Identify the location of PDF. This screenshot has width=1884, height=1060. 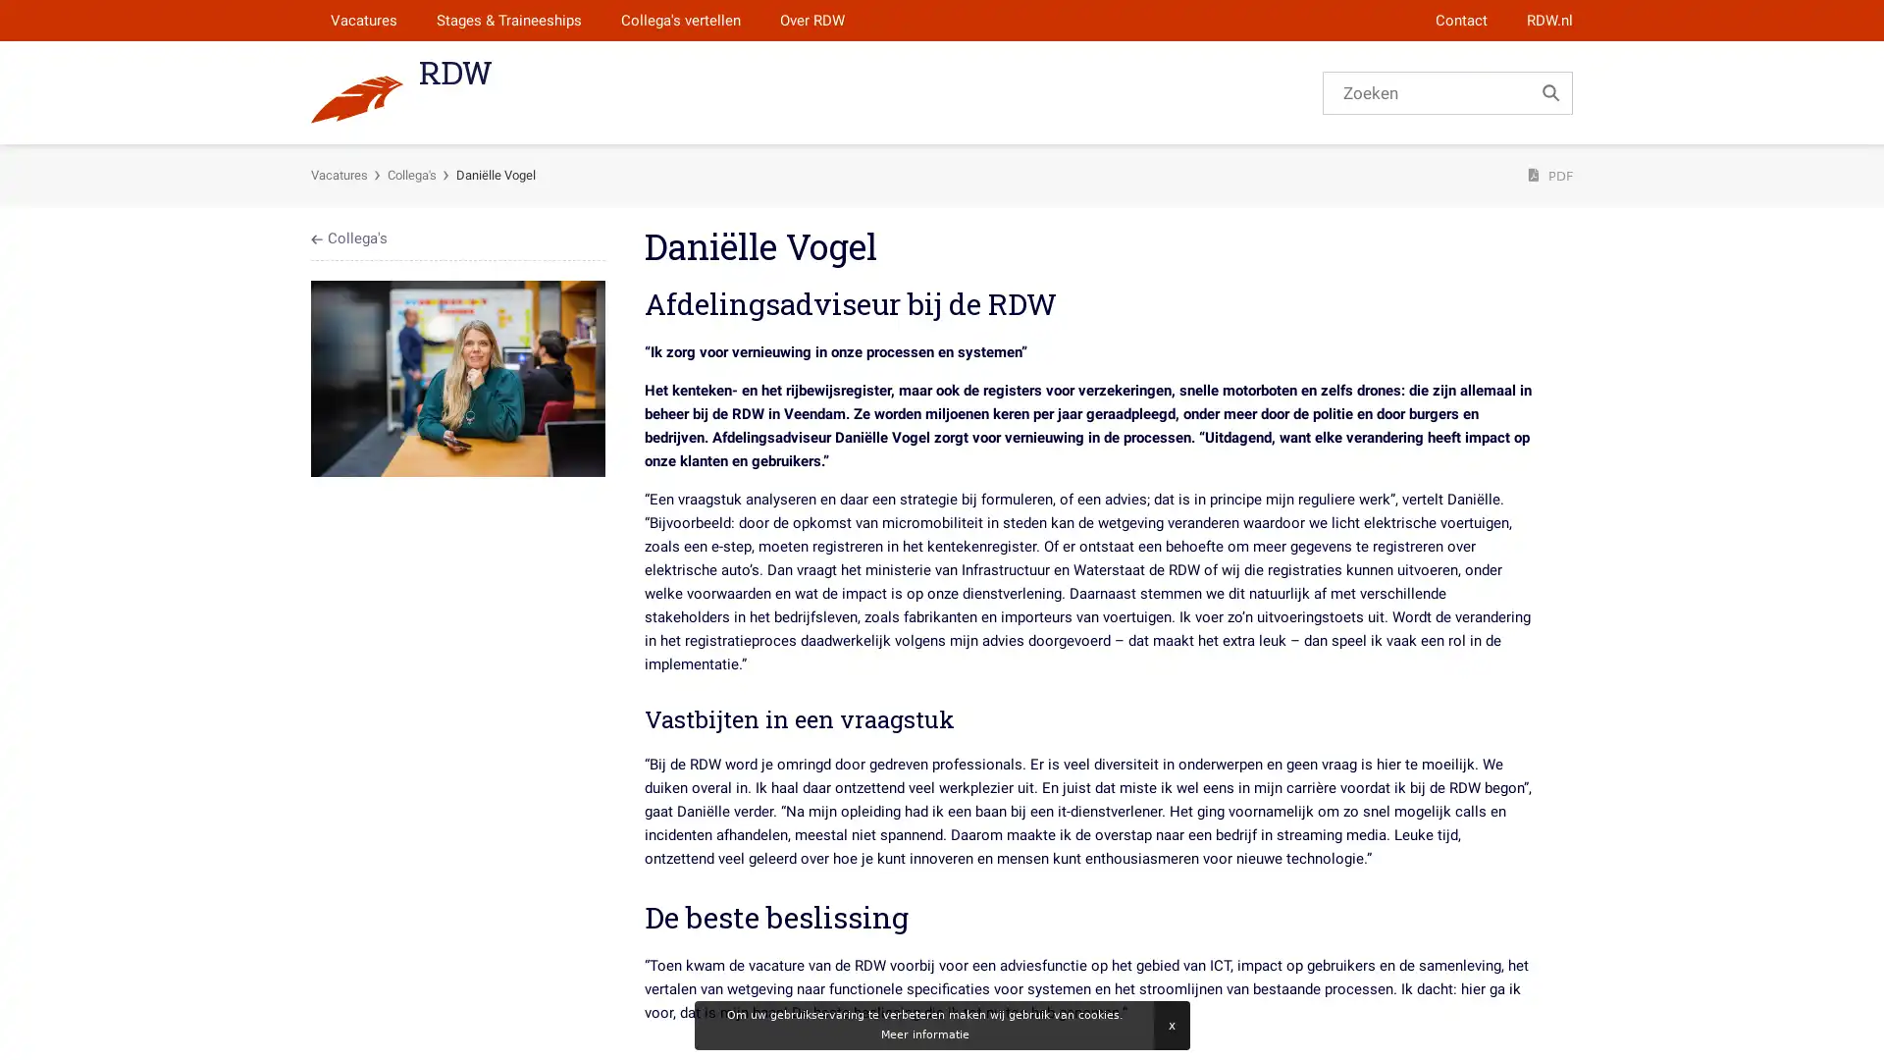
(1549, 174).